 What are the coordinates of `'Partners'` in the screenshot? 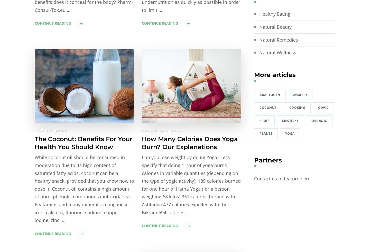 It's located at (268, 160).